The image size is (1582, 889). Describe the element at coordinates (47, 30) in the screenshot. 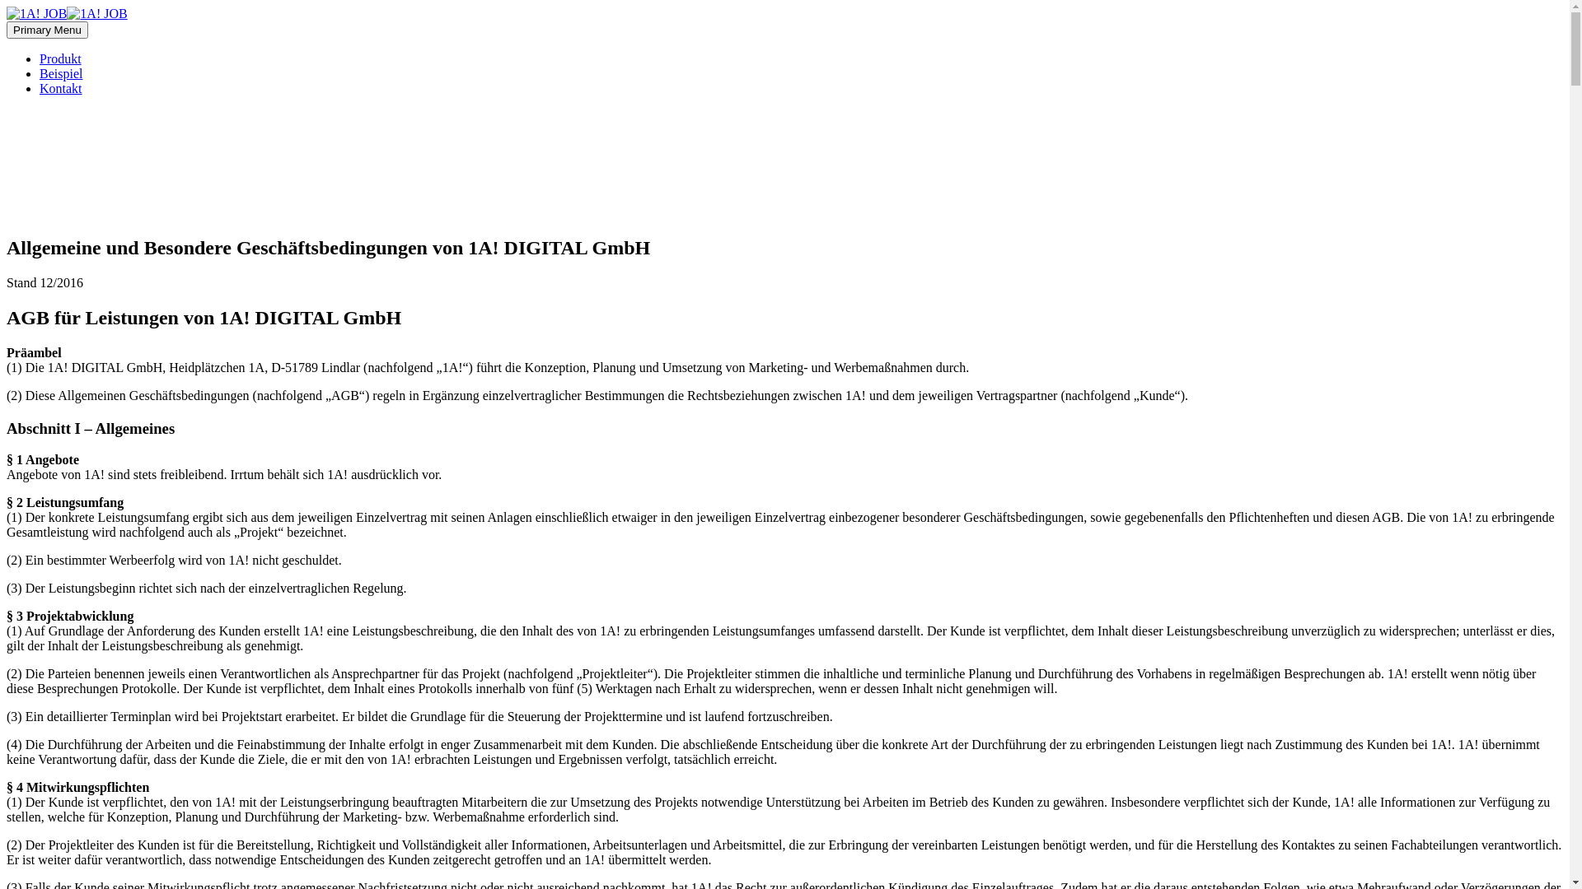

I see `'Primary Menu'` at that location.